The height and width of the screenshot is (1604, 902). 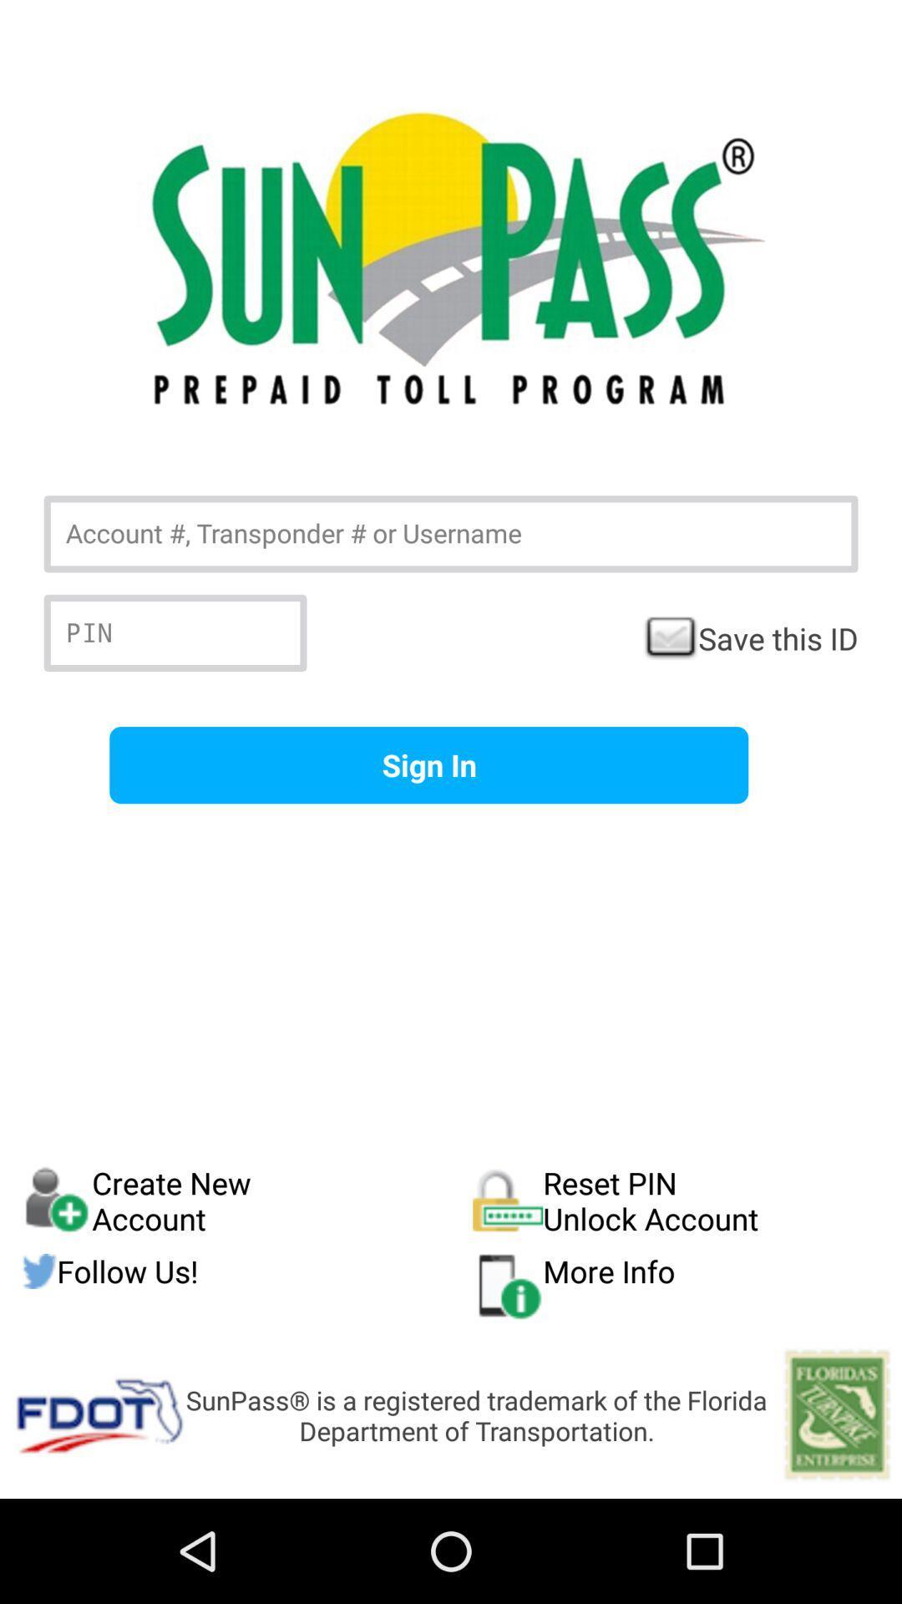 I want to click on icon next to reset pin unlock item, so click(x=247, y=1270).